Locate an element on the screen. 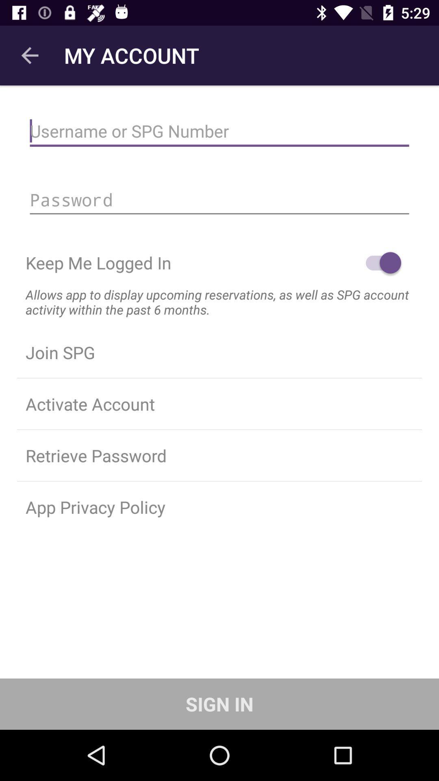  the icon to the right of the keep me logged item is located at coordinates (379, 263).